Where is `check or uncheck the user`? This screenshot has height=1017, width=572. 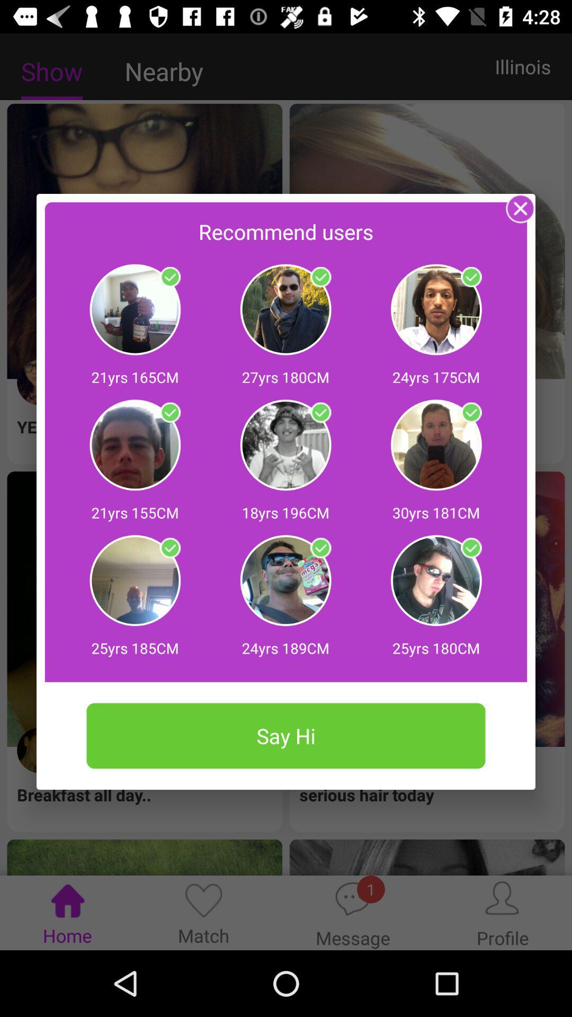
check or uncheck the user is located at coordinates (320, 548).